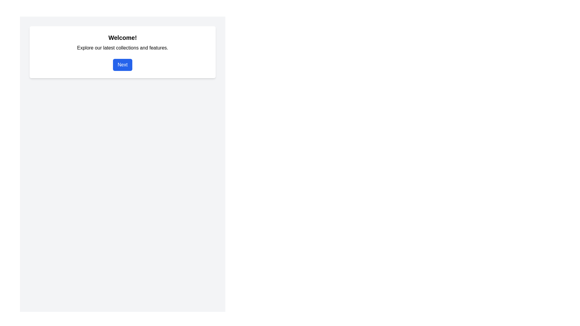  I want to click on the text displaying 'Explore our latest collections and features.' which is centrally aligned and positioned below the 'Welcome!' heading, so click(122, 47).